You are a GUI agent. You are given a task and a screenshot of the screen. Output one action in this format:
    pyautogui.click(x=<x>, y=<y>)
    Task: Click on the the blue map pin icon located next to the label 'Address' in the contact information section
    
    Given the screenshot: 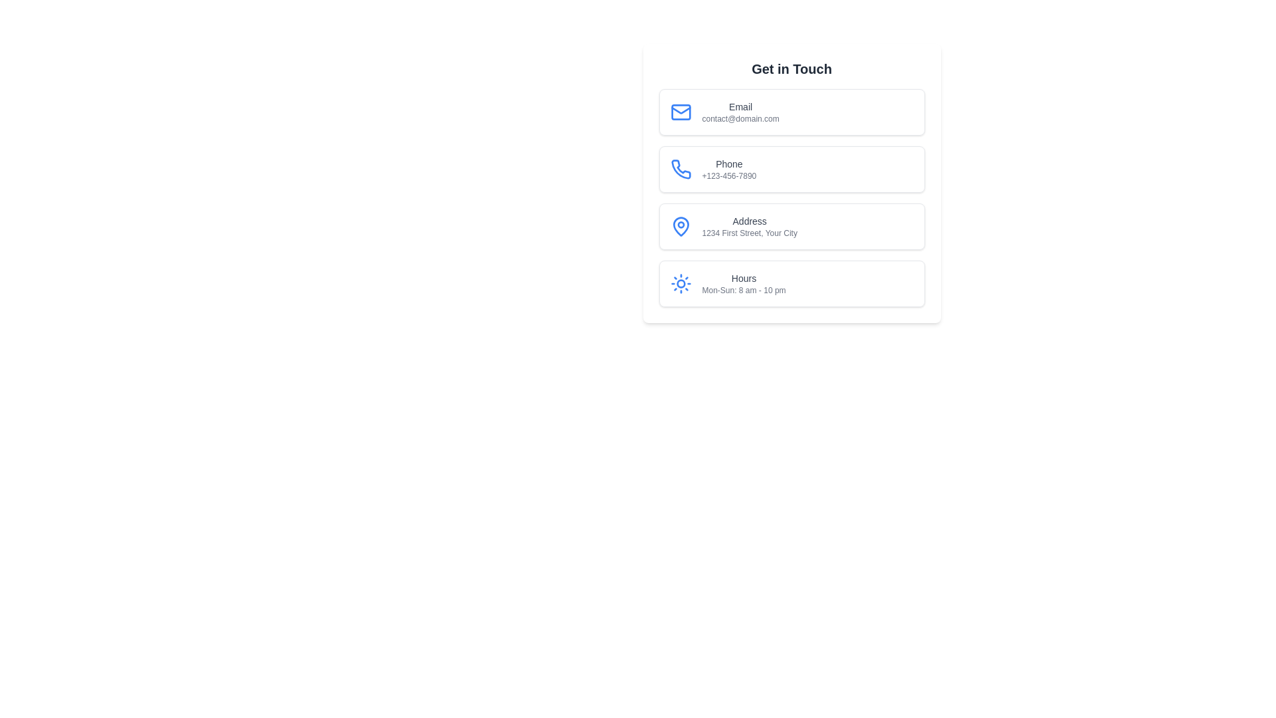 What is the action you would take?
    pyautogui.click(x=681, y=225)
    